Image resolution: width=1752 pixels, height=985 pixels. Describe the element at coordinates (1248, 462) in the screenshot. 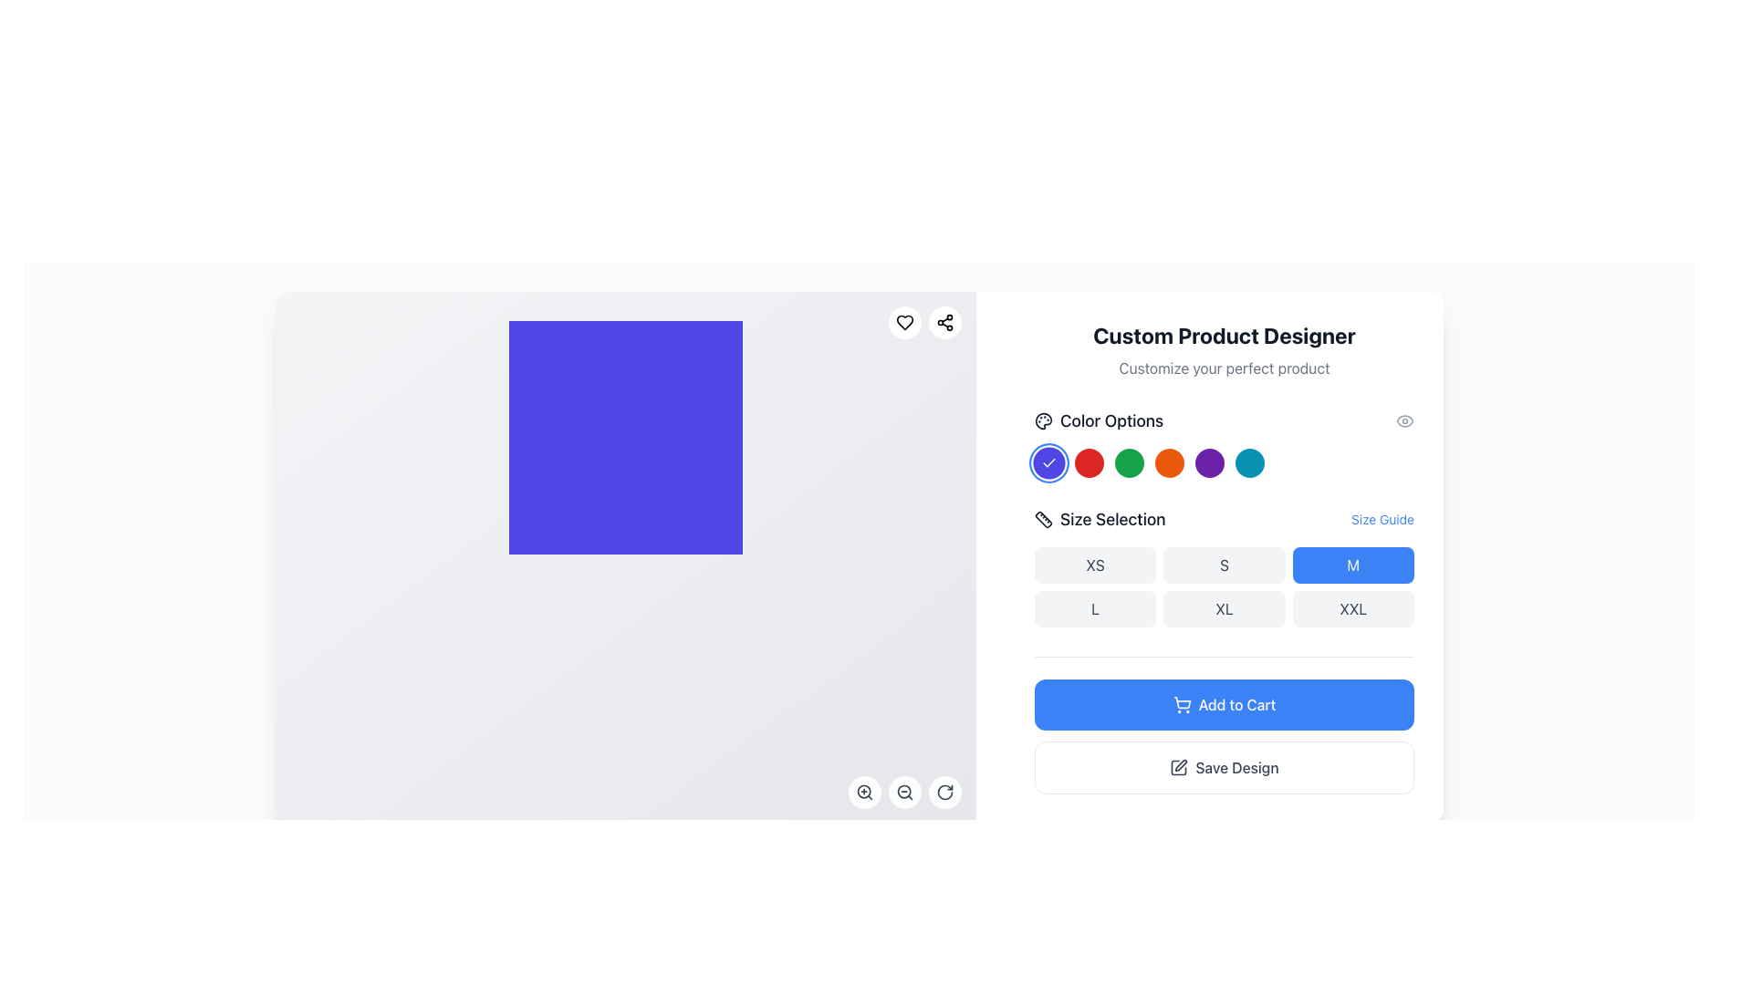

I see `the eighth circular teal button in the 'Color Options' section to observe the scale animation when the mouse is over it` at that location.